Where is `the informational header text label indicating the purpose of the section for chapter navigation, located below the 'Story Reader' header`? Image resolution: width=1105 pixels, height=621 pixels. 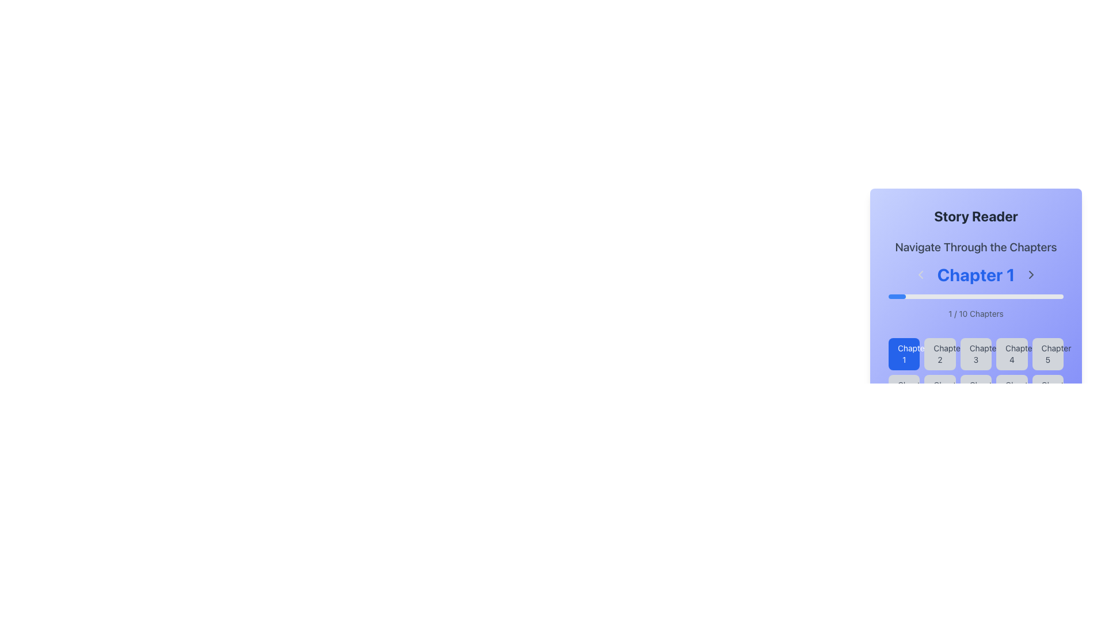
the informational header text label indicating the purpose of the section for chapter navigation, located below the 'Story Reader' header is located at coordinates (975, 246).